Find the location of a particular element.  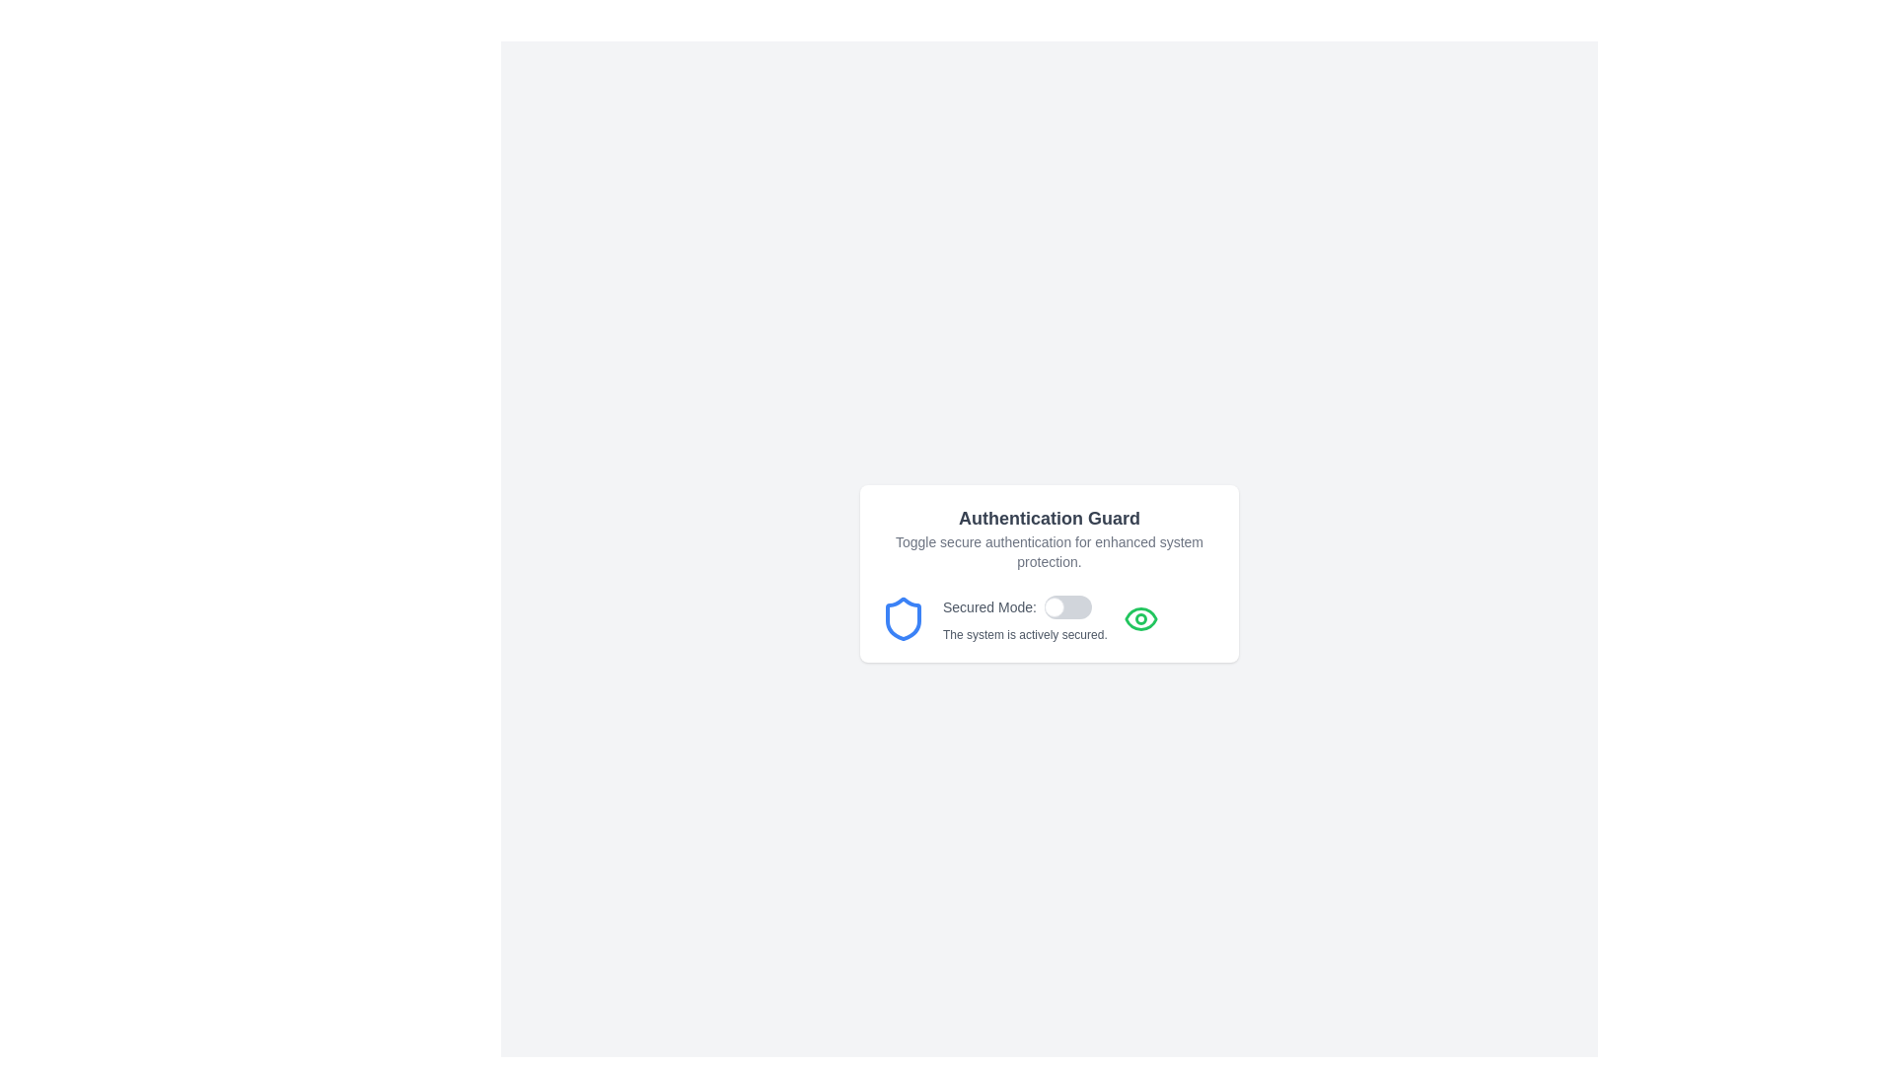

the static text heading that labels the content of the card, located at the top center of the card interface is located at coordinates (1049, 517).